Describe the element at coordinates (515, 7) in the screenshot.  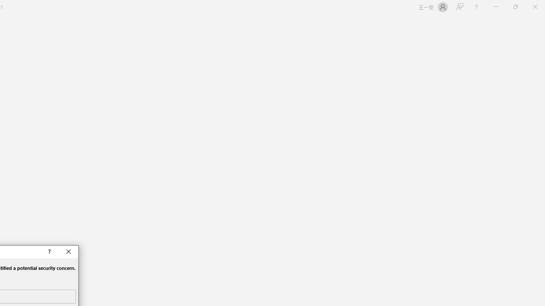
I see `'Restore Down'` at that location.